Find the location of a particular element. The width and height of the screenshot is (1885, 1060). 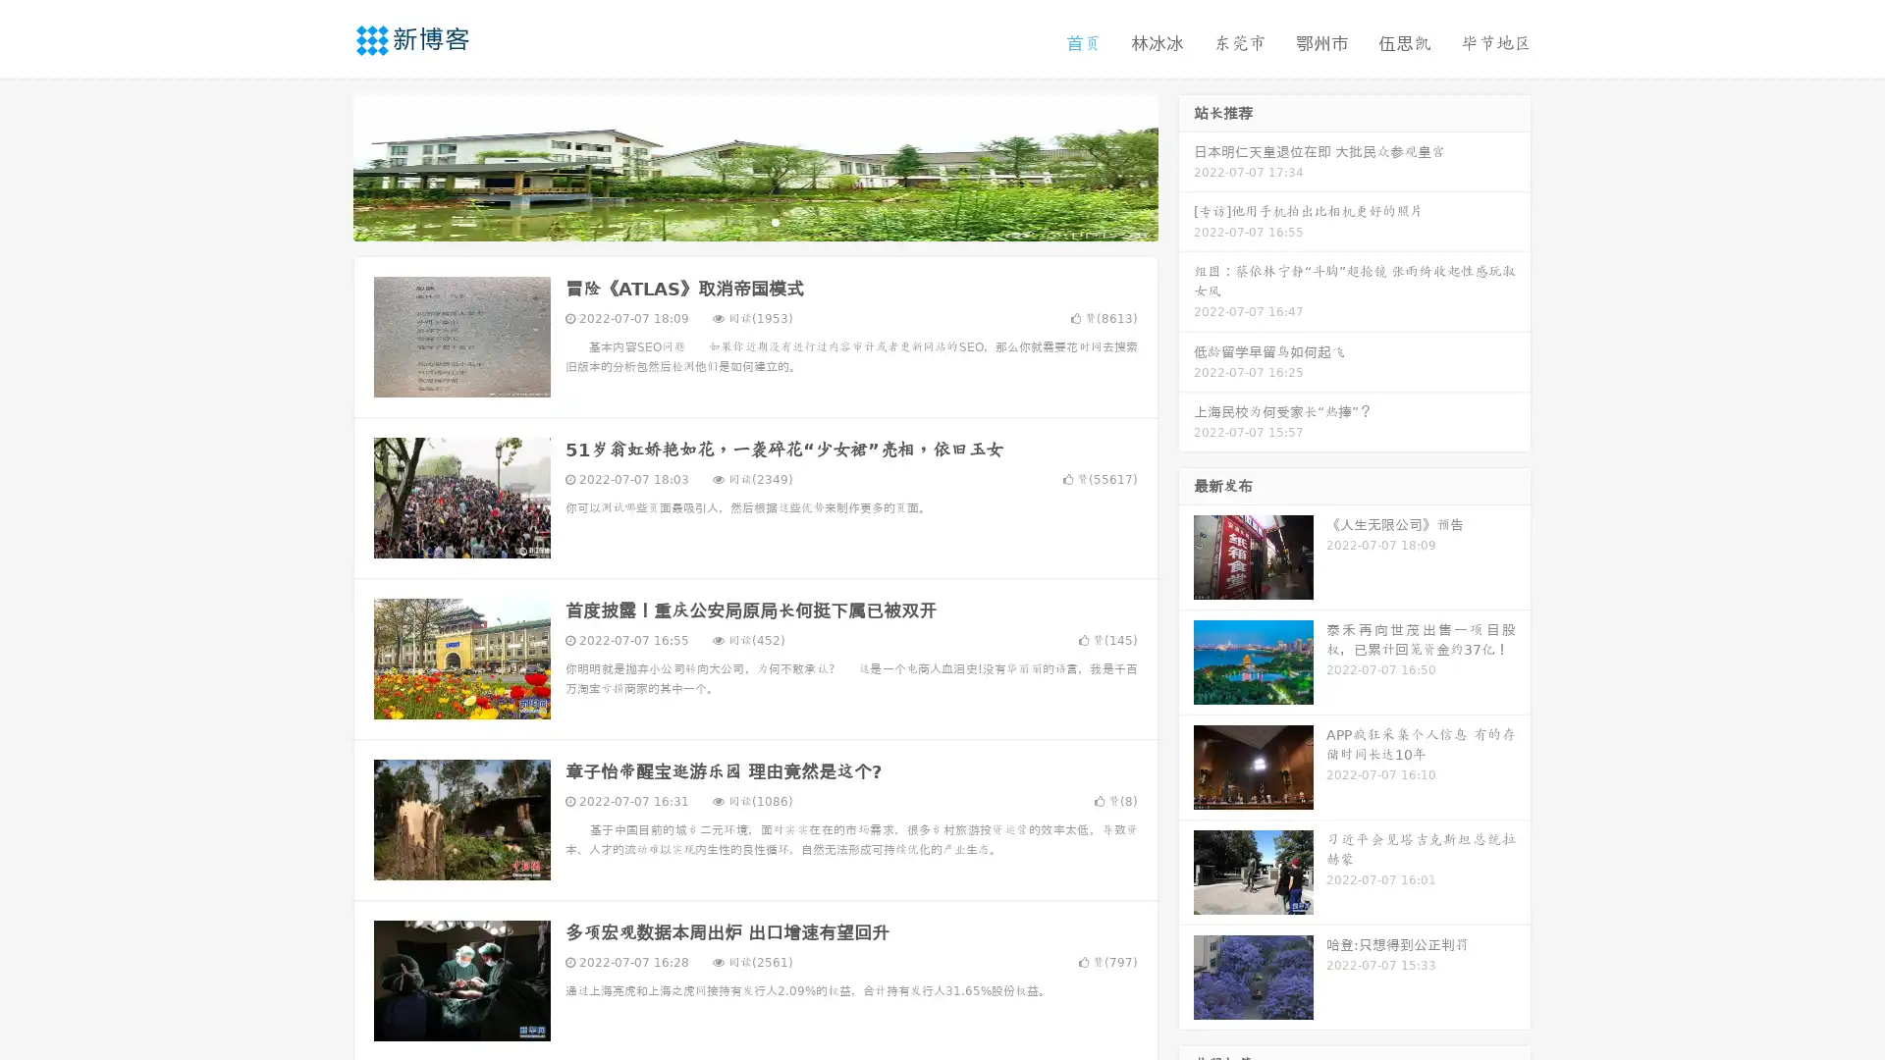

Next slide is located at coordinates (1186, 165).